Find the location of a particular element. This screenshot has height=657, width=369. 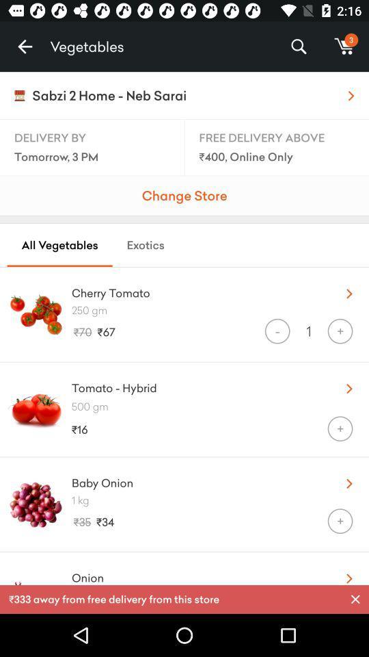

the item to the left of the vegetables item is located at coordinates (25, 47).